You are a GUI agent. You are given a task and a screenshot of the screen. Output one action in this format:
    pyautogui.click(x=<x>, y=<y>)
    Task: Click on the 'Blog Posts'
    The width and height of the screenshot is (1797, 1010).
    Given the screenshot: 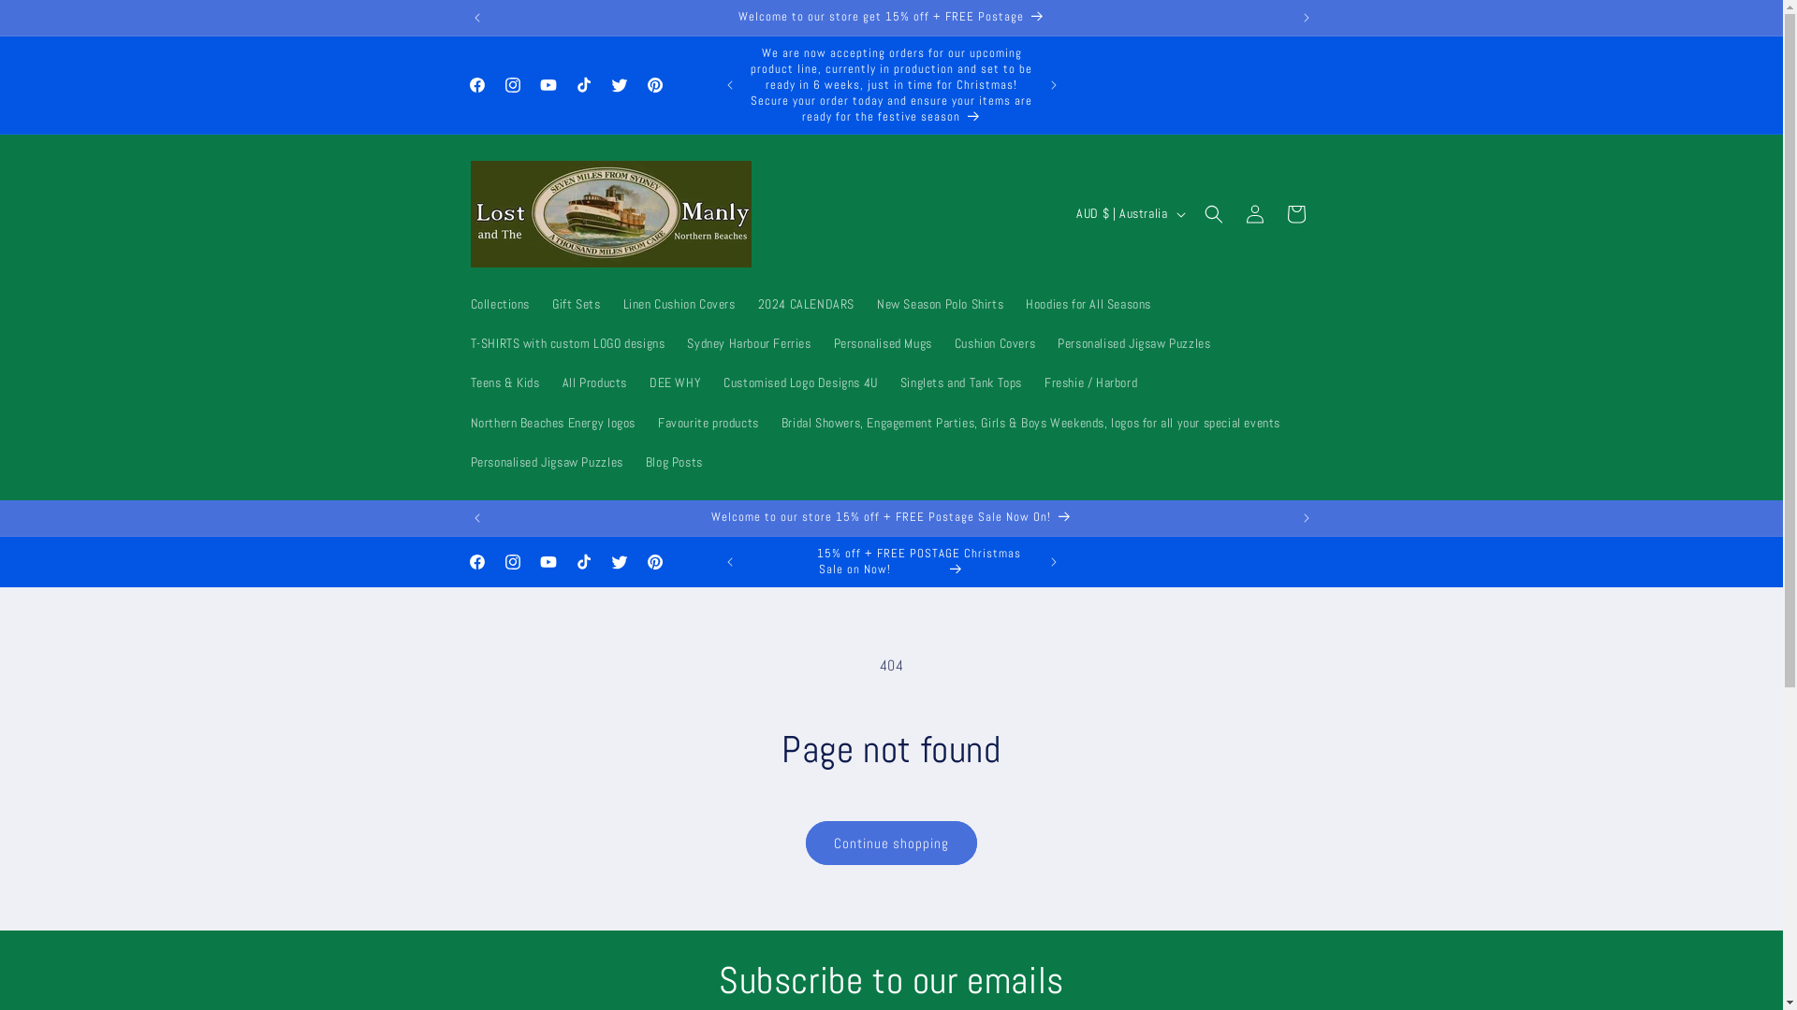 What is the action you would take?
    pyautogui.click(x=634, y=461)
    